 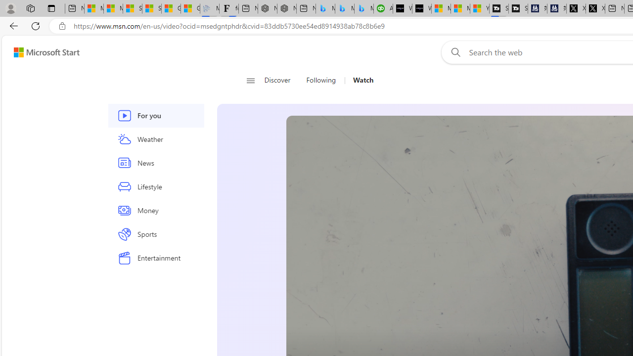 I want to click on 'Web search', so click(x=453, y=52).